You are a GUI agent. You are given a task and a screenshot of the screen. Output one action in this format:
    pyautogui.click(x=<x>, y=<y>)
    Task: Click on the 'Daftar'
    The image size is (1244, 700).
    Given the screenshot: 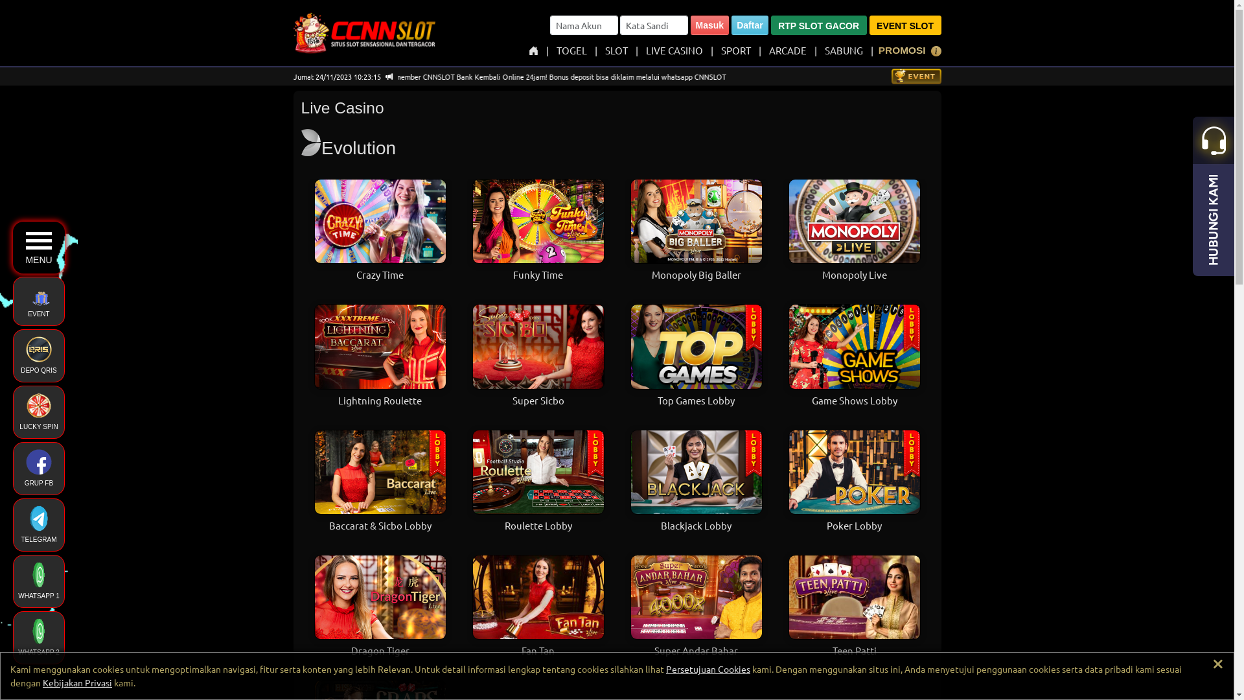 What is the action you would take?
    pyautogui.click(x=749, y=25)
    